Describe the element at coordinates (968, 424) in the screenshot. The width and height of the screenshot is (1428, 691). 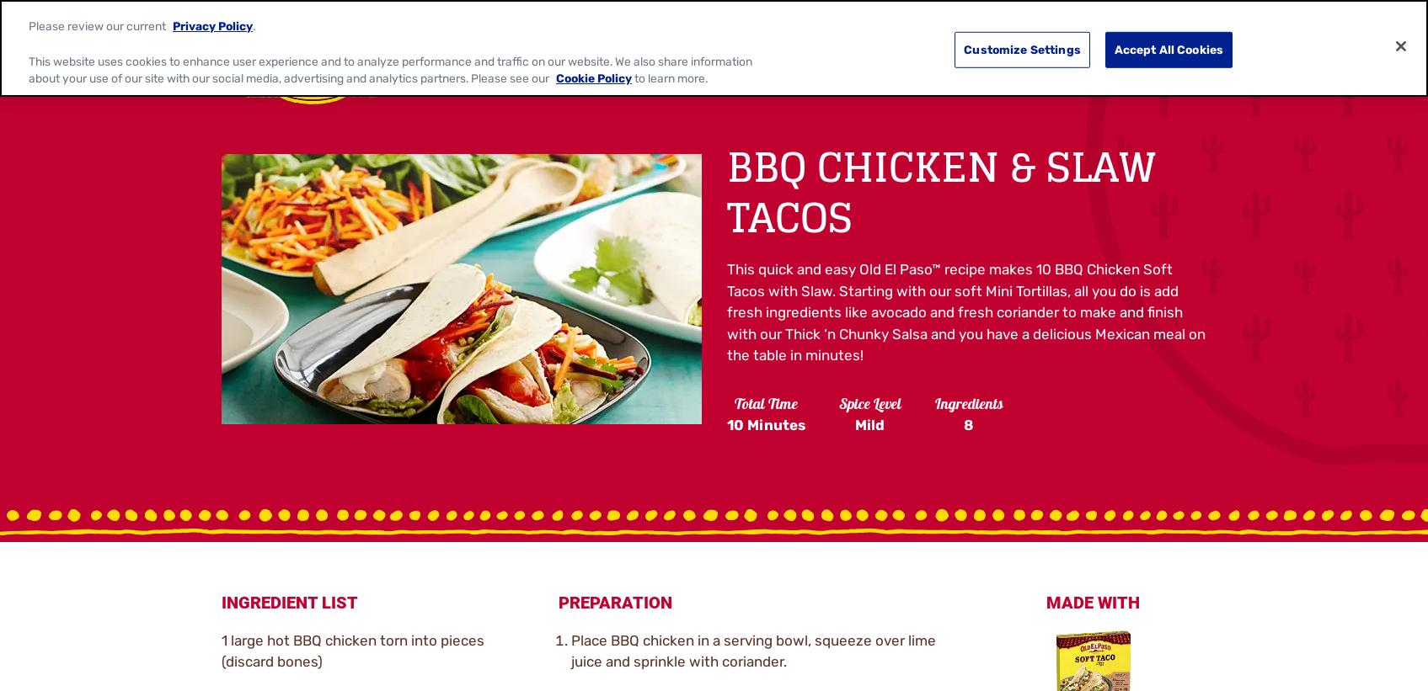
I see `'8'` at that location.